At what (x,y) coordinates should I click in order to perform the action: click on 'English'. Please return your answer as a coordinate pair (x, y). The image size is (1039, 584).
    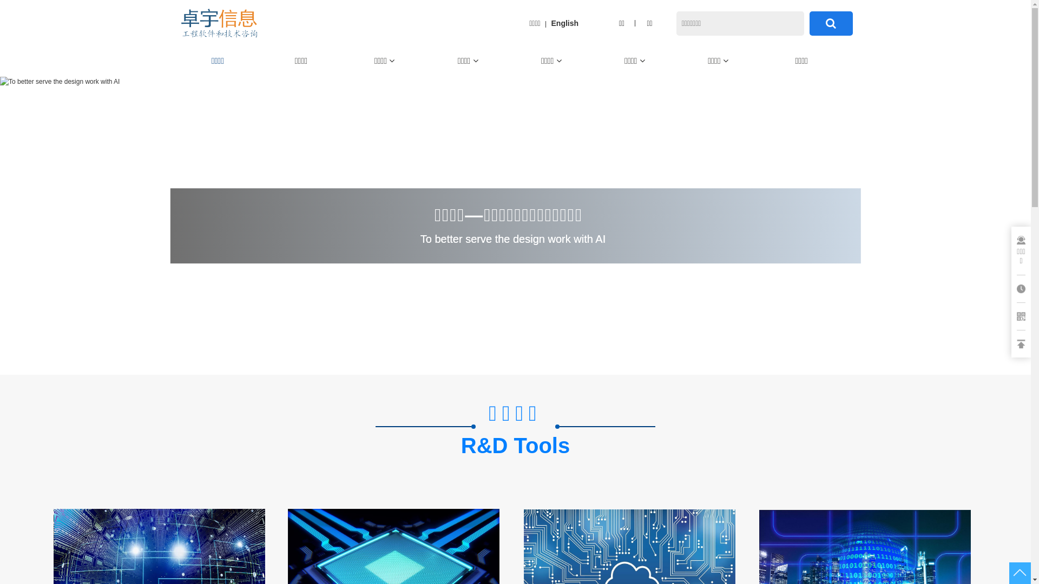
    Looking at the image, I should click on (564, 23).